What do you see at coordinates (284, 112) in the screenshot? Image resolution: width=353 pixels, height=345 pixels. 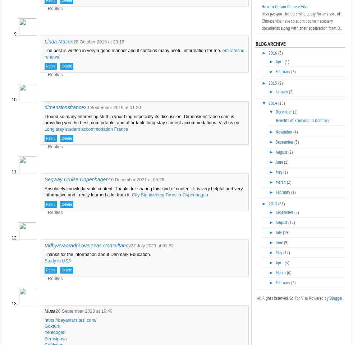 I see `'December'` at bounding box center [284, 112].